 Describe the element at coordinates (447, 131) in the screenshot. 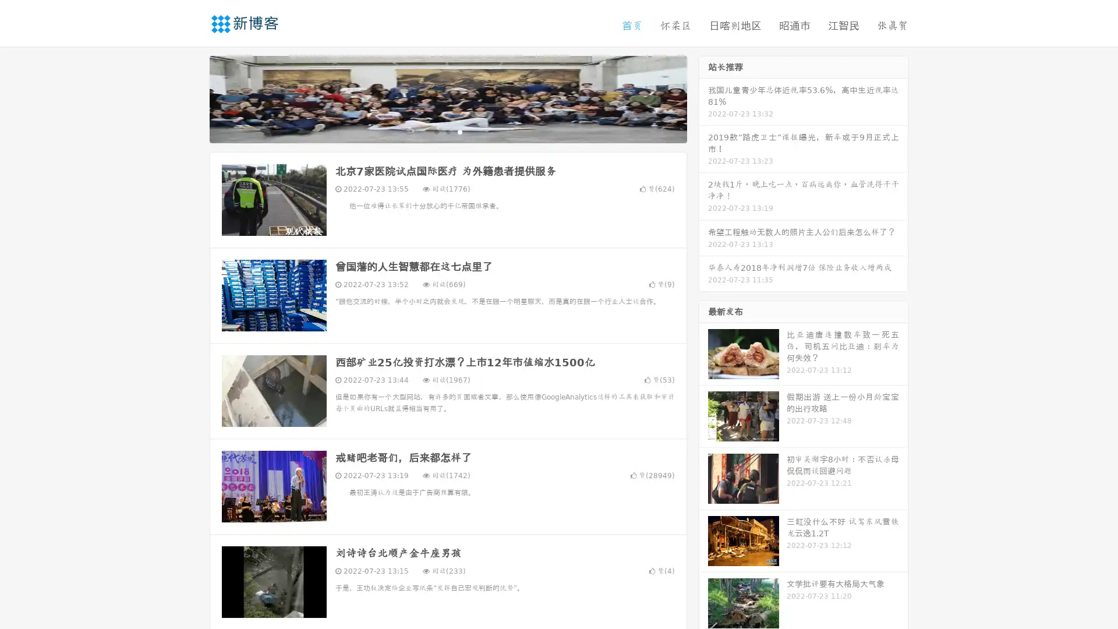

I see `Go to slide 2` at that location.